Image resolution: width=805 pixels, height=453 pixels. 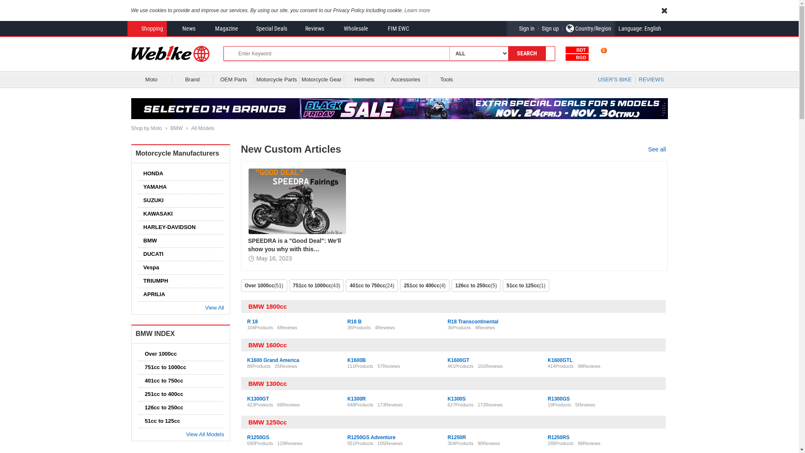 I want to click on 'Shopping', so click(x=146, y=28).